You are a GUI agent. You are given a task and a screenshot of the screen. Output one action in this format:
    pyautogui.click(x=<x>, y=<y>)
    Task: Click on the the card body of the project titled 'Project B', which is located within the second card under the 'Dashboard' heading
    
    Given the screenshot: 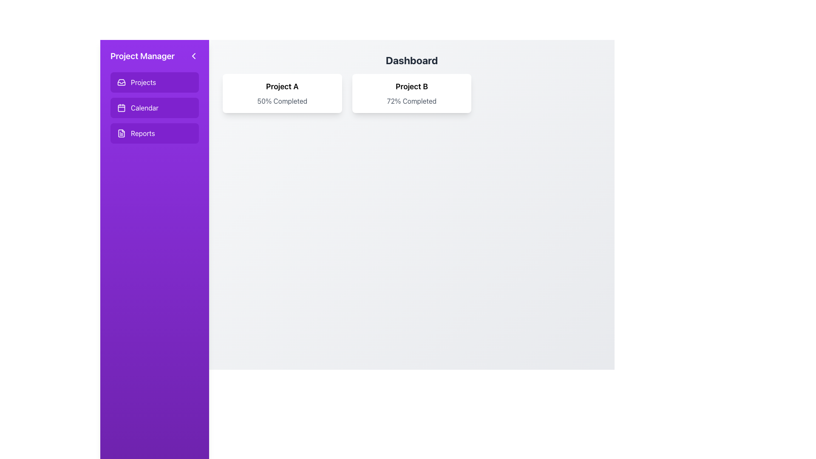 What is the action you would take?
    pyautogui.click(x=412, y=87)
    